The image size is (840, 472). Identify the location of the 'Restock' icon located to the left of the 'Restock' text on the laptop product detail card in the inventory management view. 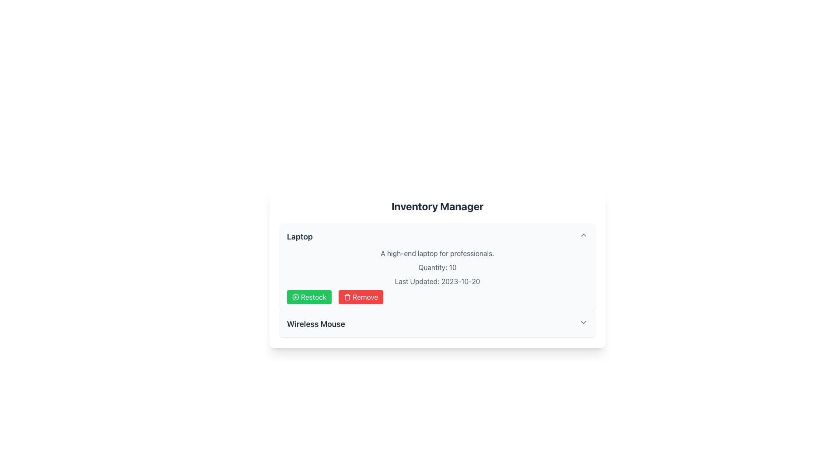
(296, 296).